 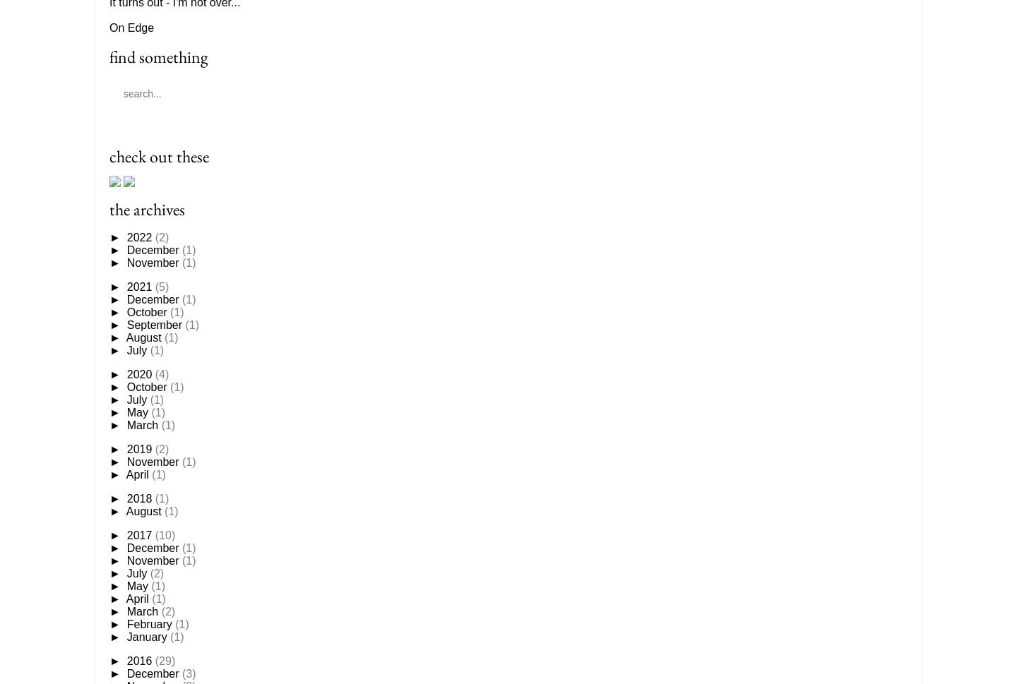 What do you see at coordinates (108, 56) in the screenshot?
I see `'find something'` at bounding box center [108, 56].